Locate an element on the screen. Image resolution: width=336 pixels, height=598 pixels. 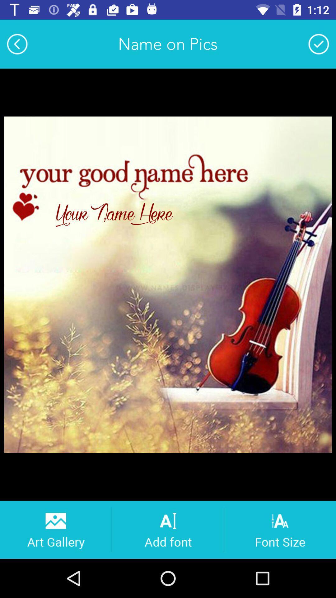
art/picture gallery is located at coordinates (55, 529).